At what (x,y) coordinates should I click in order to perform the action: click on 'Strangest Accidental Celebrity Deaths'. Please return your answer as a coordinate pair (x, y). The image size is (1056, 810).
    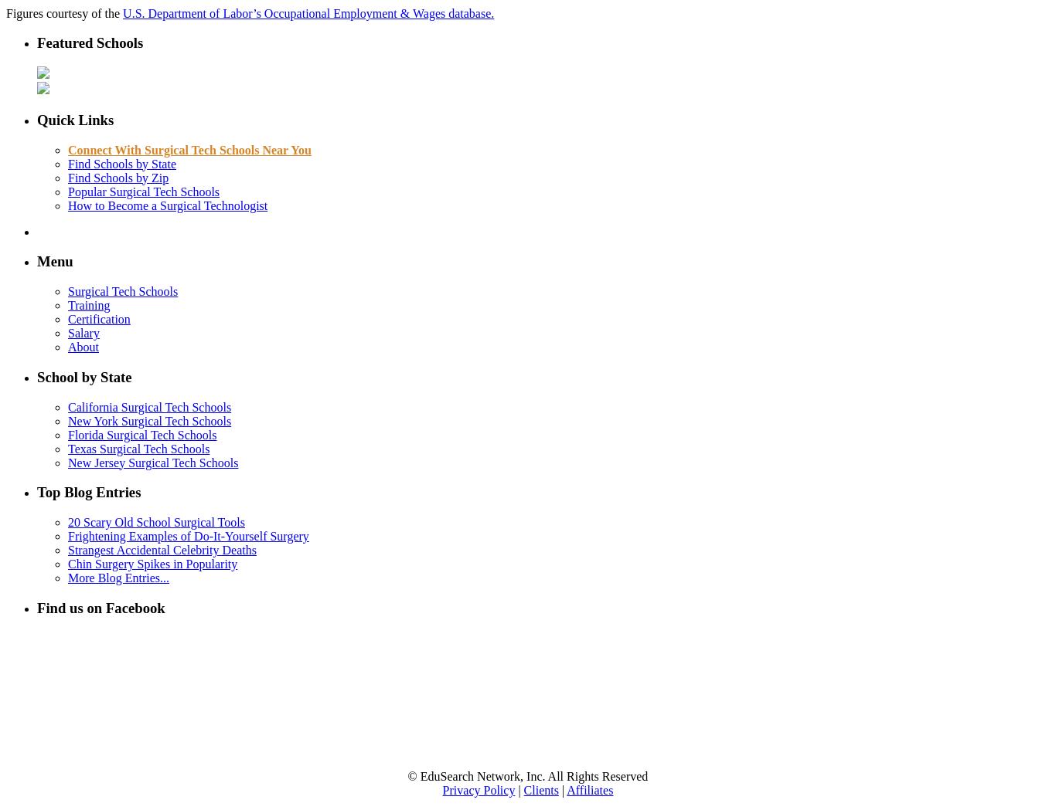
    Looking at the image, I should click on (161, 549).